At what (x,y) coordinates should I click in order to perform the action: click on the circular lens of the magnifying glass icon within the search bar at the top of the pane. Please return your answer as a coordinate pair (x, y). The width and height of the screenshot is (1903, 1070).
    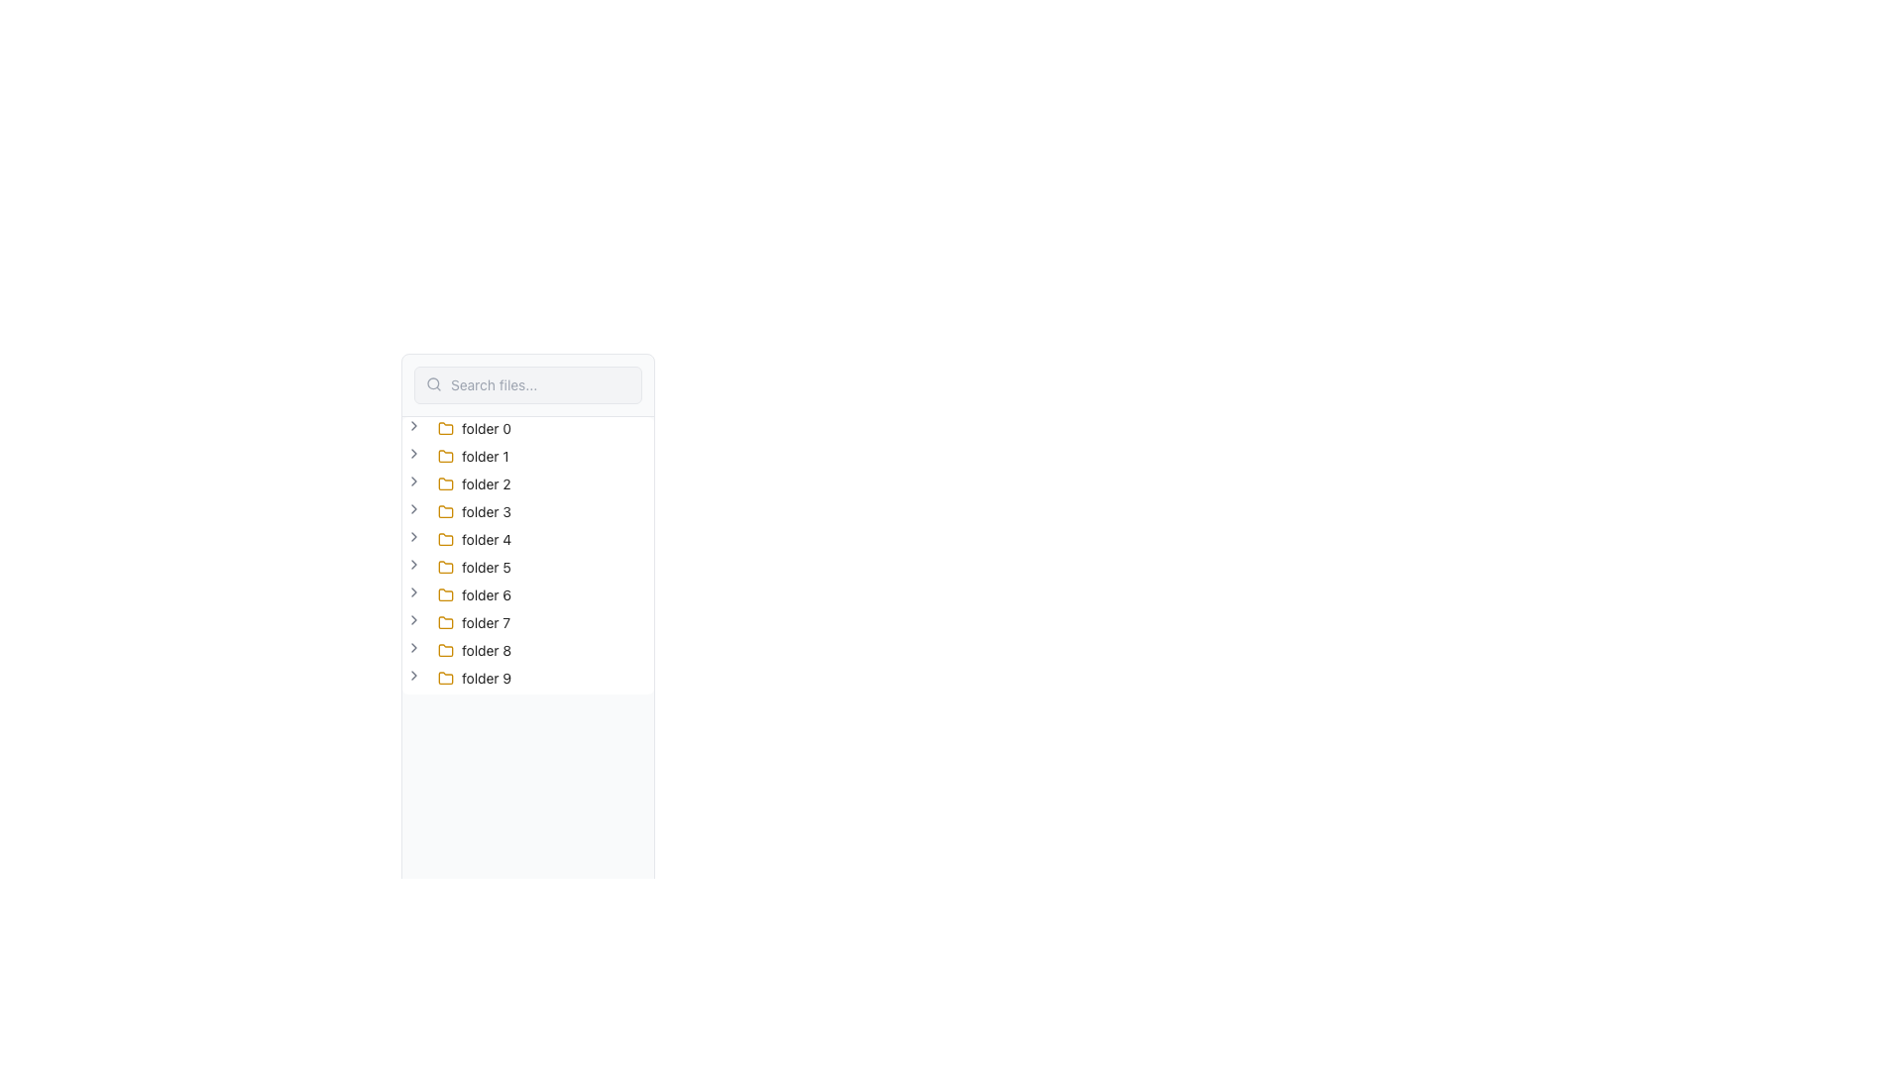
    Looking at the image, I should click on (432, 383).